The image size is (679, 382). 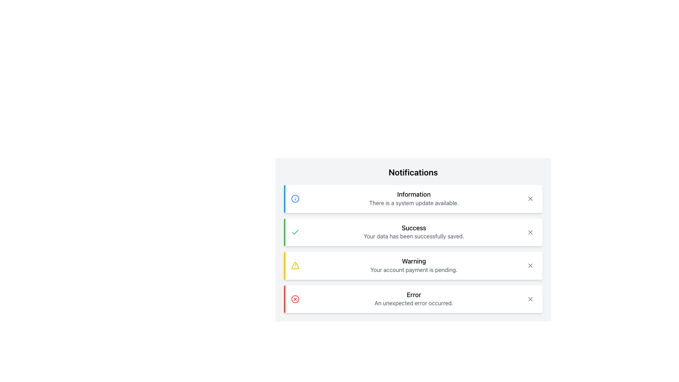 I want to click on the close icon represented by an 'X' symbol in the top-right corner of the notification box labeled 'Success: Your data has been successfully saved.' to trigger the hover effect, so click(x=530, y=232).